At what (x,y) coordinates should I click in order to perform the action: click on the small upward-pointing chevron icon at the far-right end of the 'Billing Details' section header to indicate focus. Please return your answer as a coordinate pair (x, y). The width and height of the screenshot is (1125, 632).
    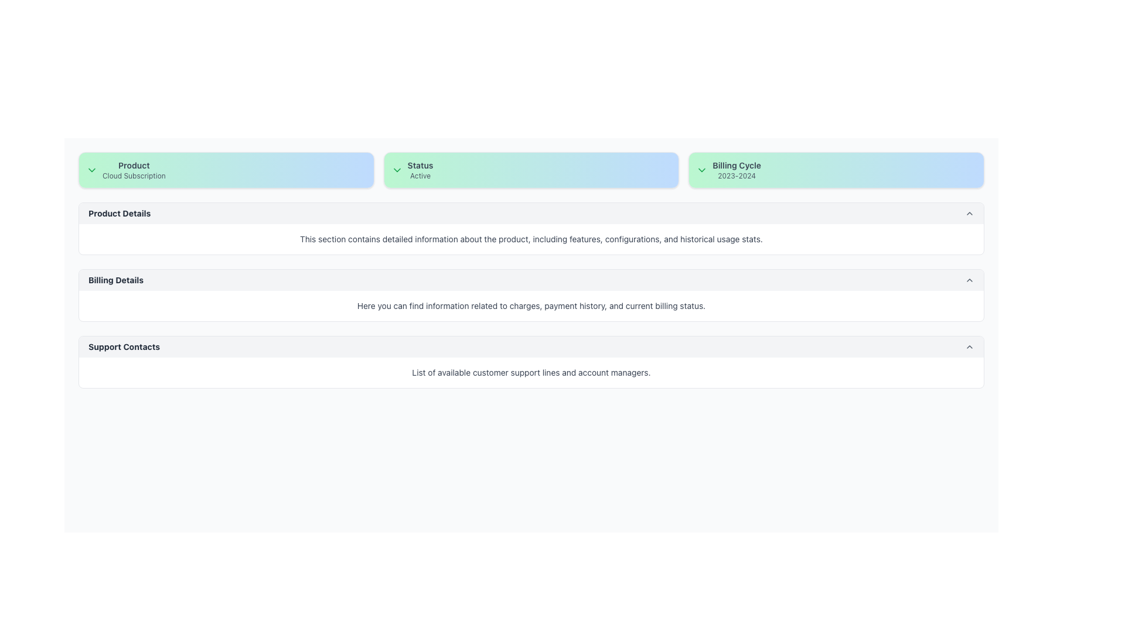
    Looking at the image, I should click on (970, 280).